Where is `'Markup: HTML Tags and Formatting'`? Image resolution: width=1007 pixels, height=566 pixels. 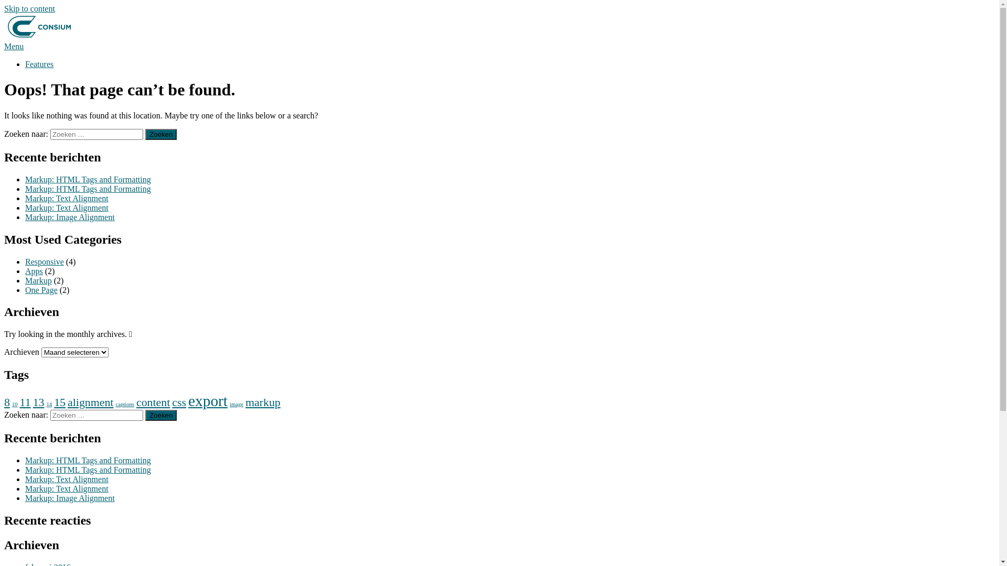 'Markup: HTML Tags and Formatting' is located at coordinates (88, 189).